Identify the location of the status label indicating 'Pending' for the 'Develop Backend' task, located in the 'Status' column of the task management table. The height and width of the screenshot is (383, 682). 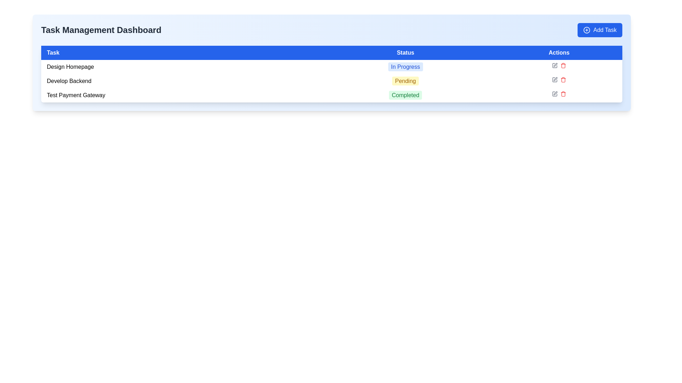
(405, 81).